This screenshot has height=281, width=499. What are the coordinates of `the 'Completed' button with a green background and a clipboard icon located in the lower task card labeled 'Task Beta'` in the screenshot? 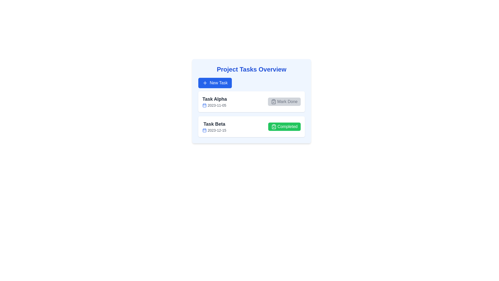 It's located at (284, 126).